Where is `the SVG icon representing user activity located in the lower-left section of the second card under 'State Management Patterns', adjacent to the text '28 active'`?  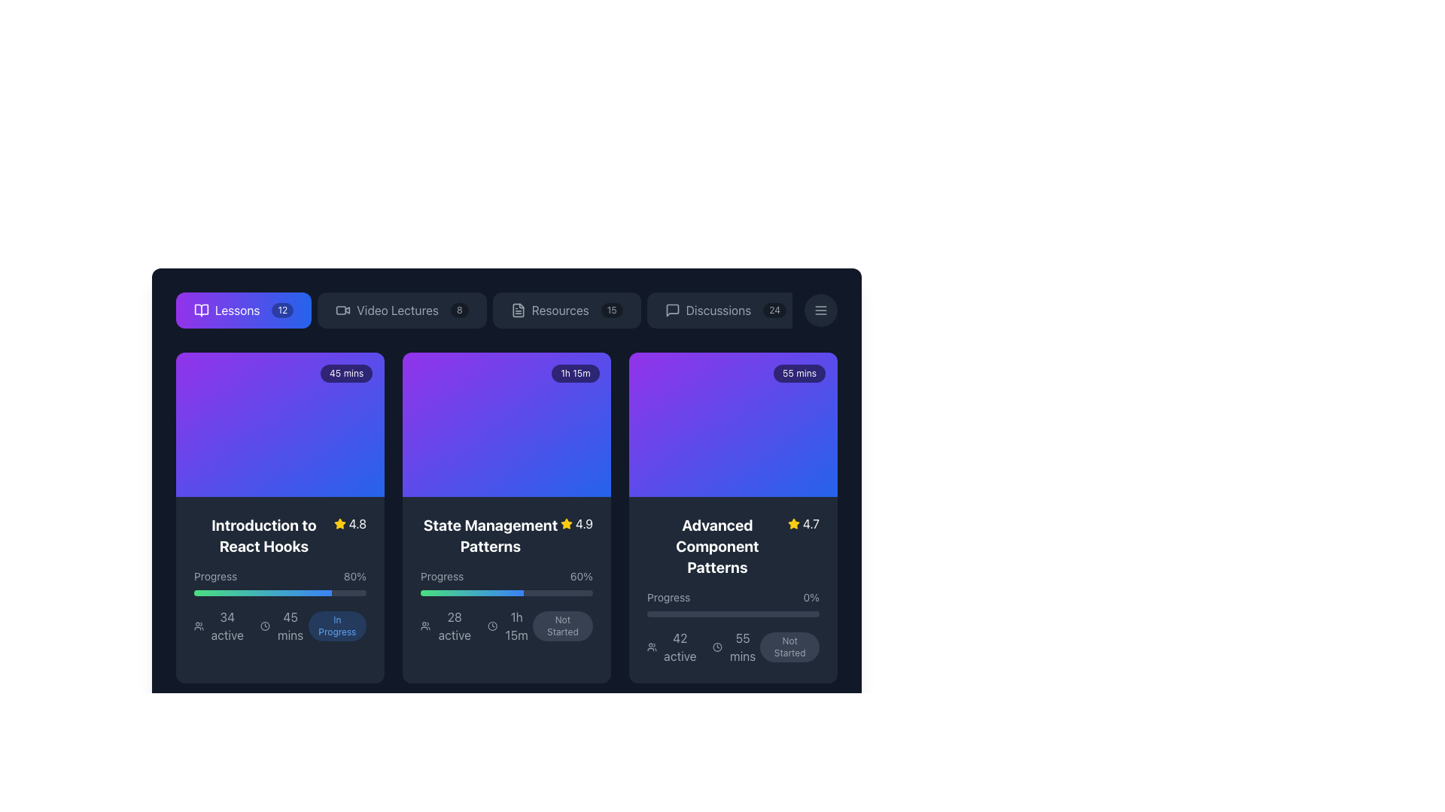
the SVG icon representing user activity located in the lower-left section of the second card under 'State Management Patterns', adjacent to the text '28 active' is located at coordinates (424, 626).